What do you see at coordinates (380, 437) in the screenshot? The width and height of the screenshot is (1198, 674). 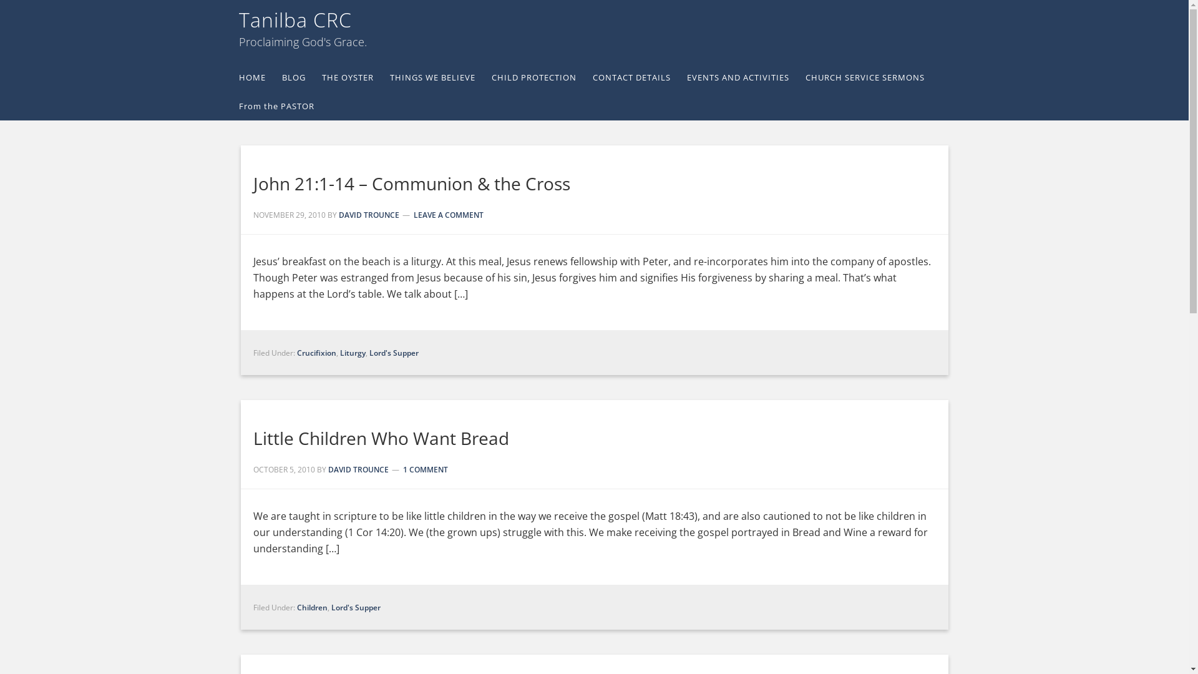 I see `'Little Children Who Want Bread'` at bounding box center [380, 437].